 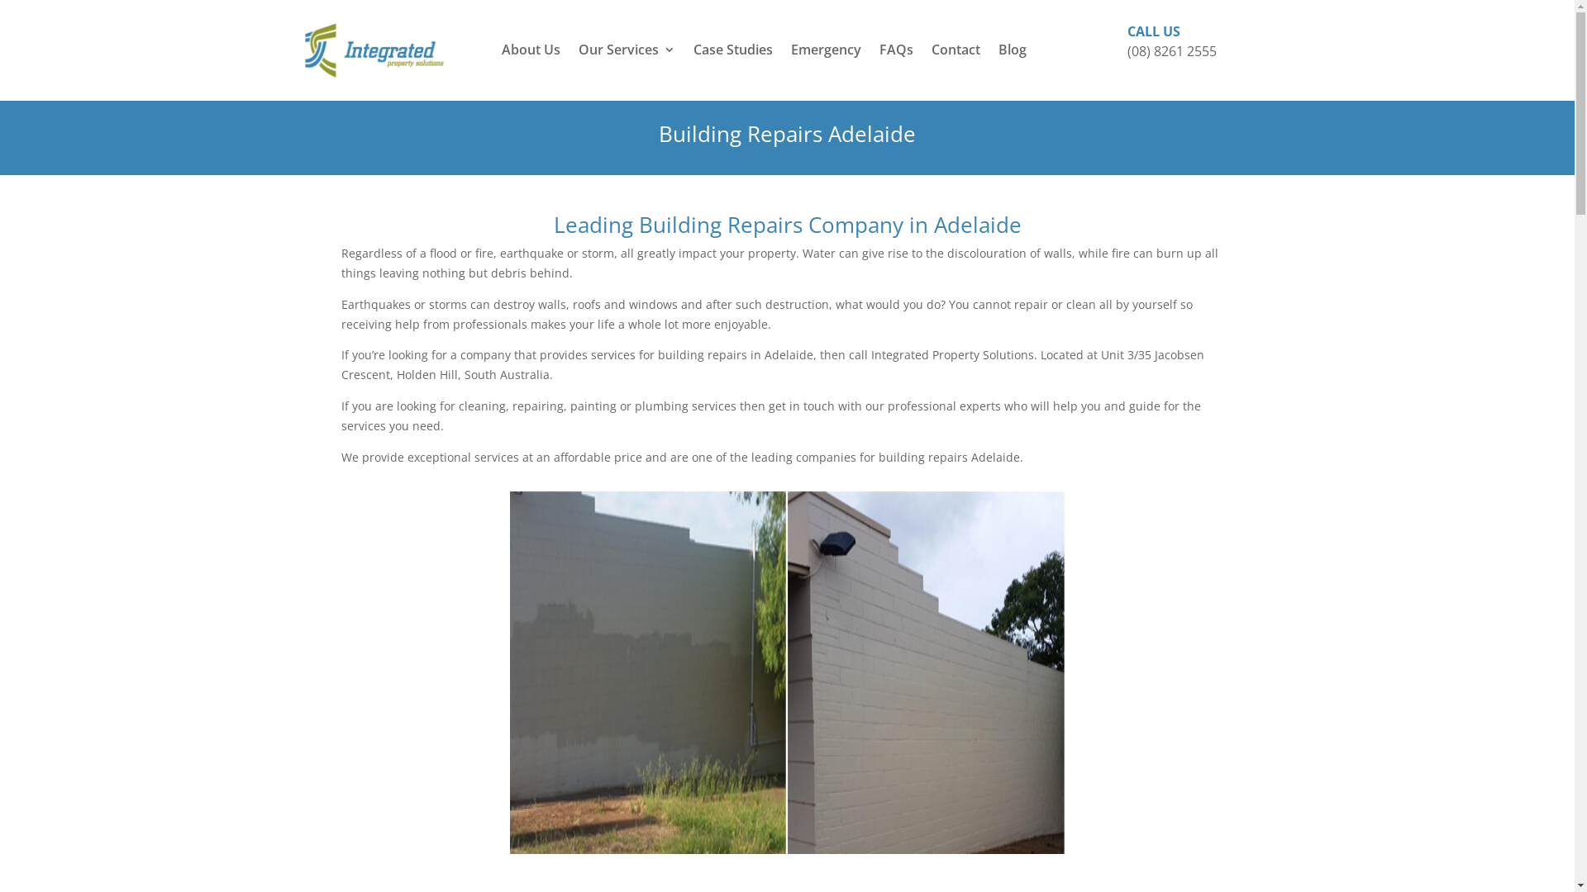 I want to click on 'IPS-Logo-e1546594708444', so click(x=301, y=50).